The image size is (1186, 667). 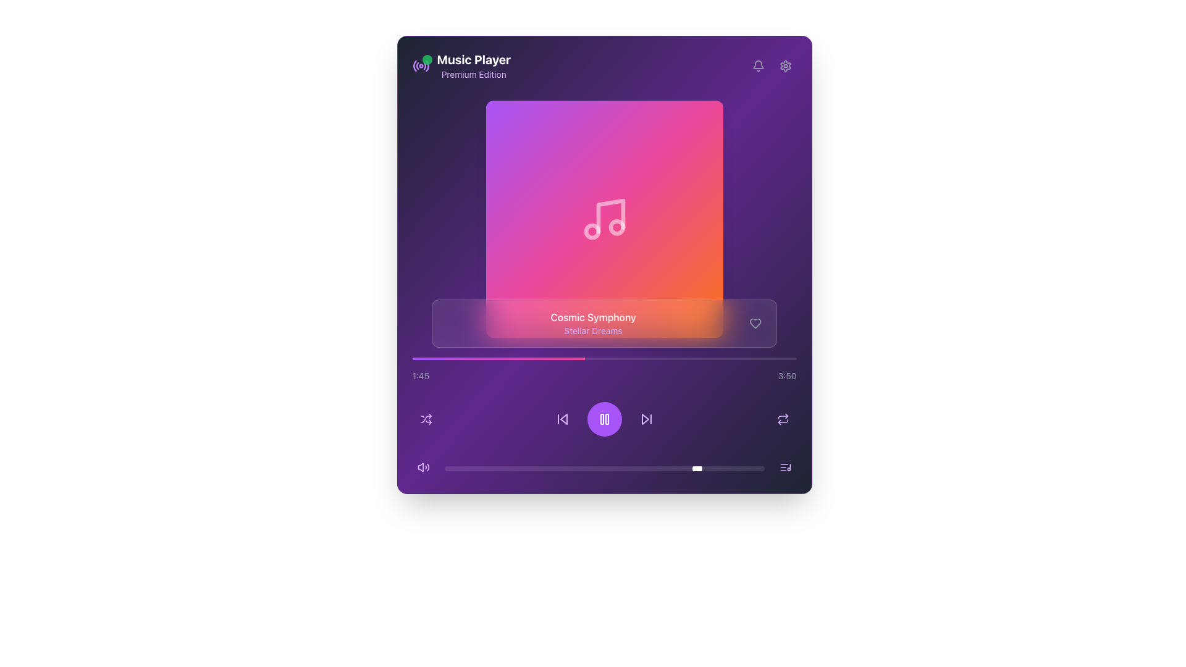 I want to click on the slider value, so click(x=694, y=469).